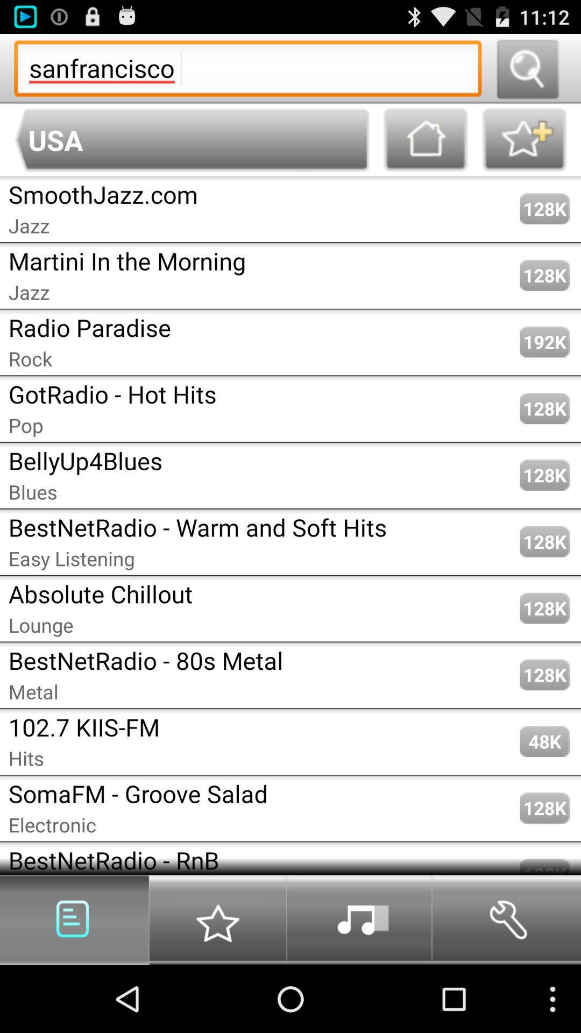 The image size is (581, 1033). I want to click on home page, so click(425, 139).